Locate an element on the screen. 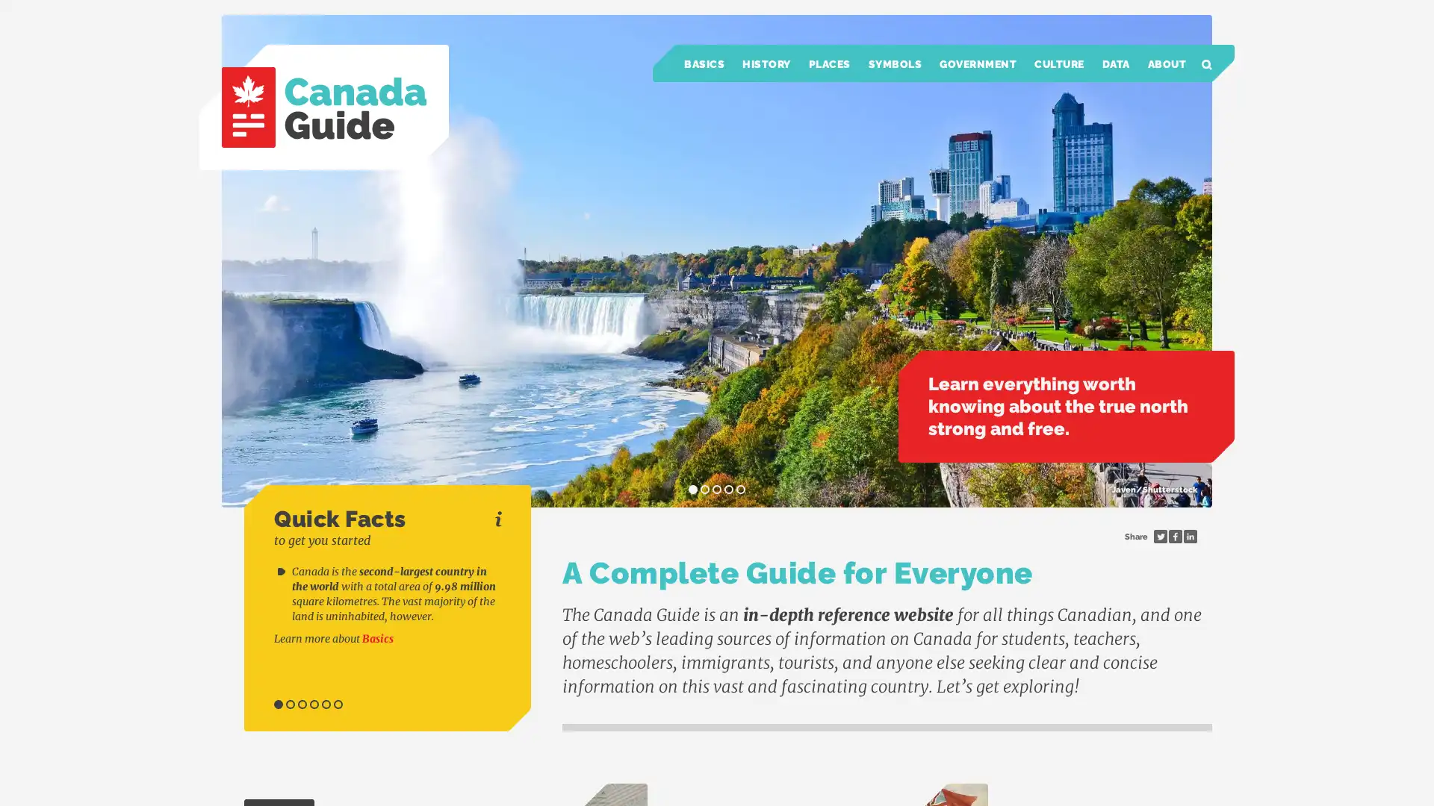 This screenshot has height=806, width=1434. Go to slide 3 is located at coordinates (717, 489).